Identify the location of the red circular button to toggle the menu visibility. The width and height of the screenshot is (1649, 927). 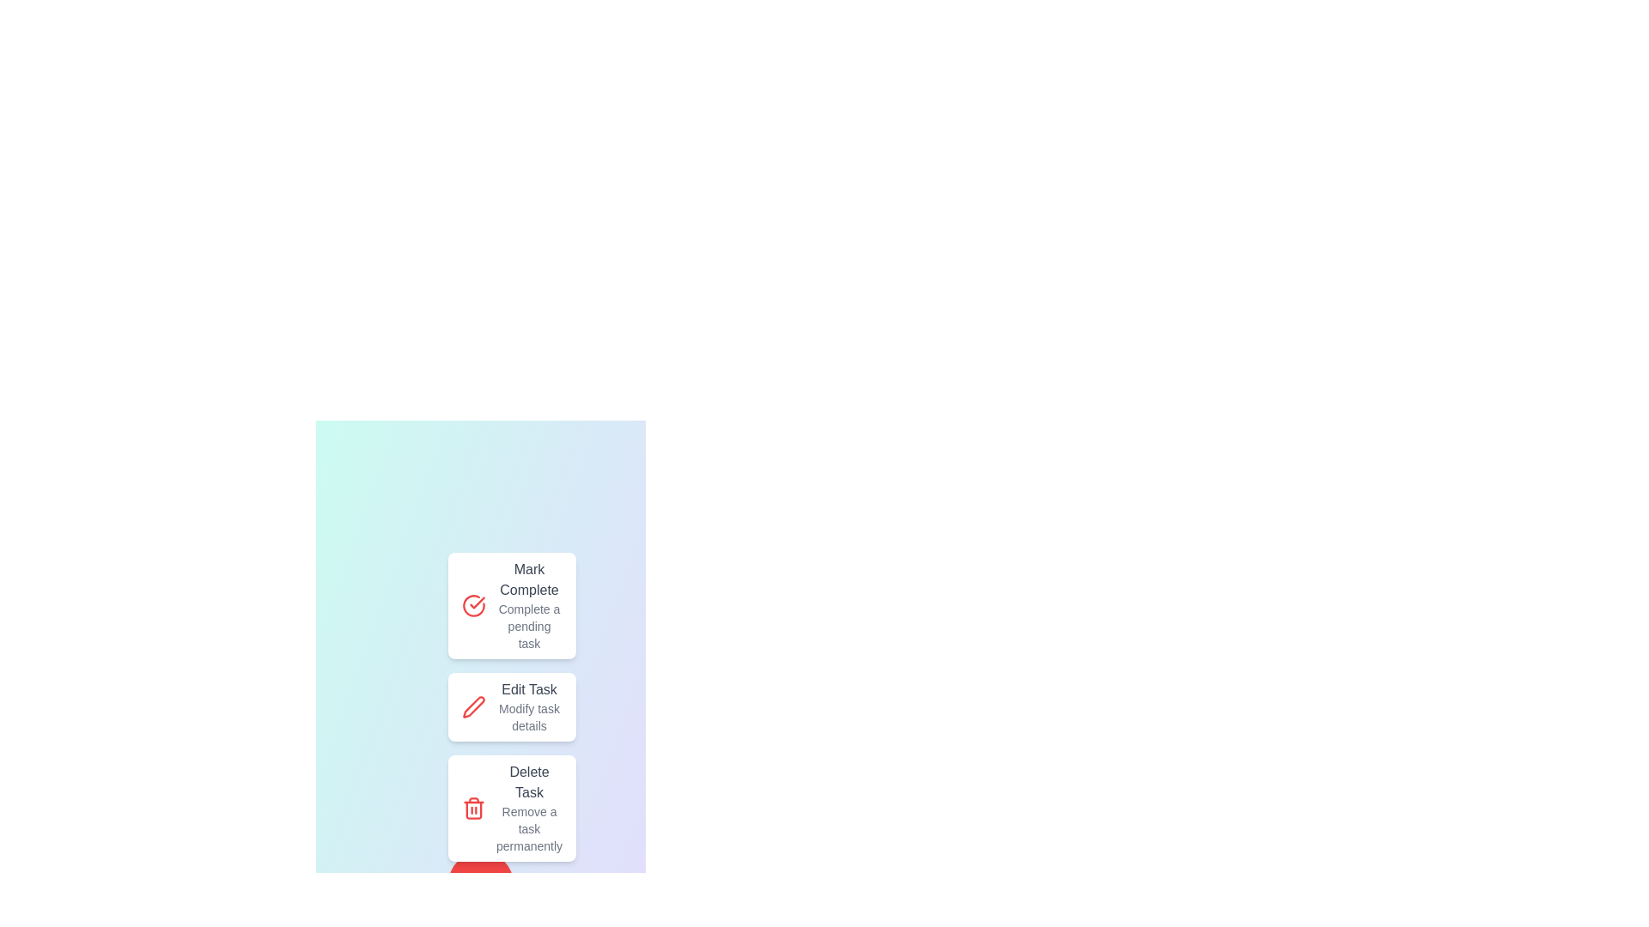
(481, 883).